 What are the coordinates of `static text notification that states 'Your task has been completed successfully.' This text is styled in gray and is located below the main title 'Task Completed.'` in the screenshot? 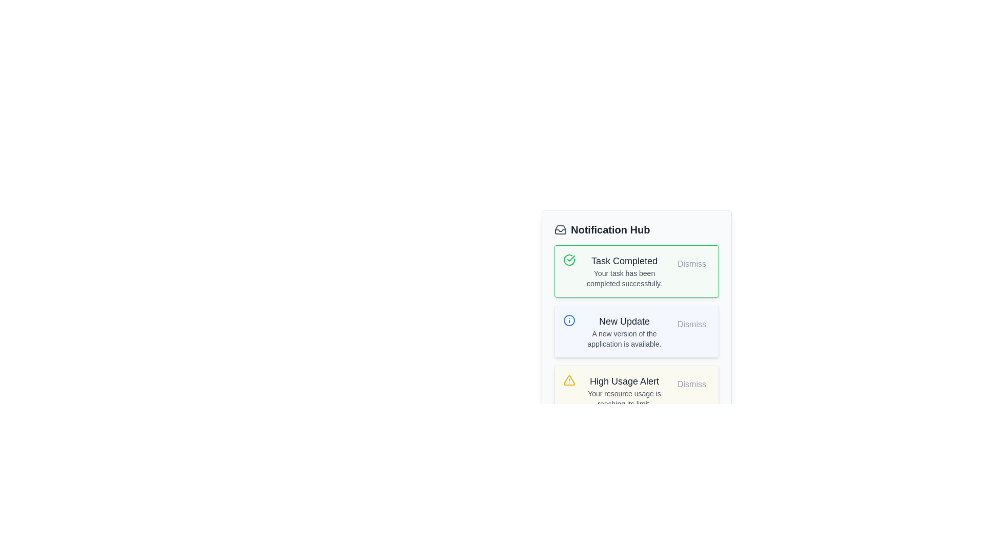 It's located at (624, 278).